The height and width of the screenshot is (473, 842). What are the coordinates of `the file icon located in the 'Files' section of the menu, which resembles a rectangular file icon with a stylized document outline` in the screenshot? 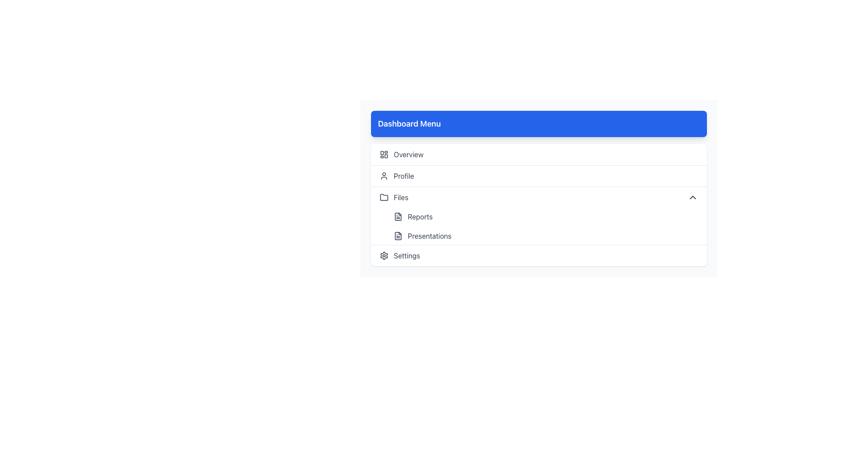 It's located at (397, 216).